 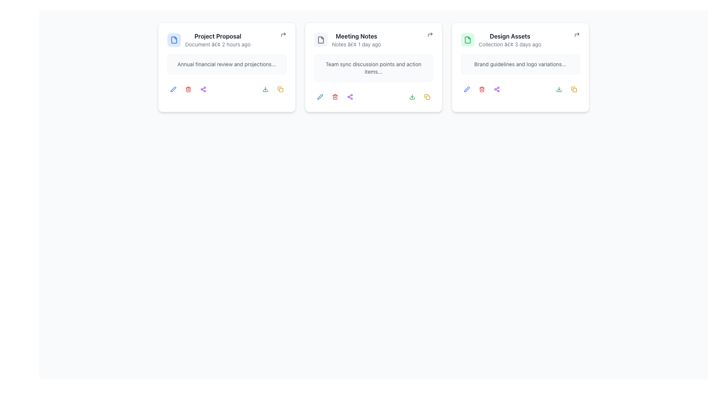 What do you see at coordinates (573, 89) in the screenshot?
I see `the 'copy' icon button, styled as overlapping sheets of paper, located at the bottom right corner of the 'Design Assets' card for accessibility navigation` at bounding box center [573, 89].